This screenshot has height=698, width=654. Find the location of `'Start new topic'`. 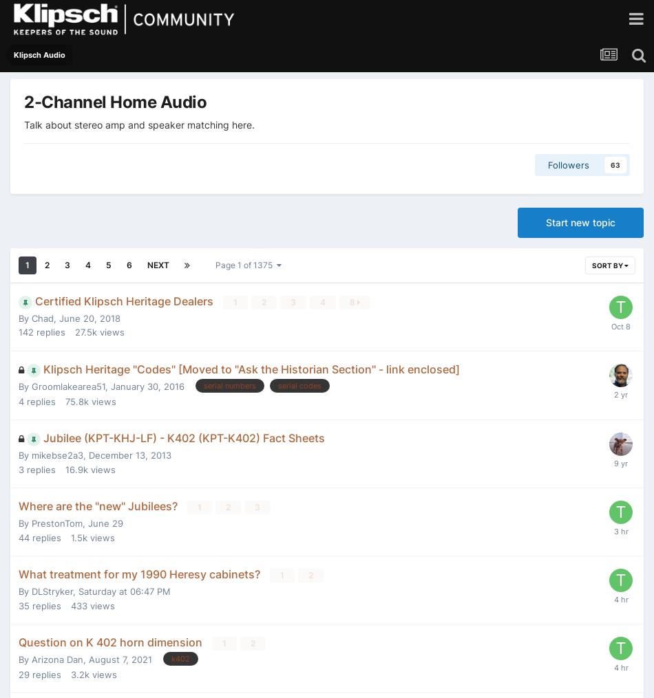

'Start new topic' is located at coordinates (580, 221).